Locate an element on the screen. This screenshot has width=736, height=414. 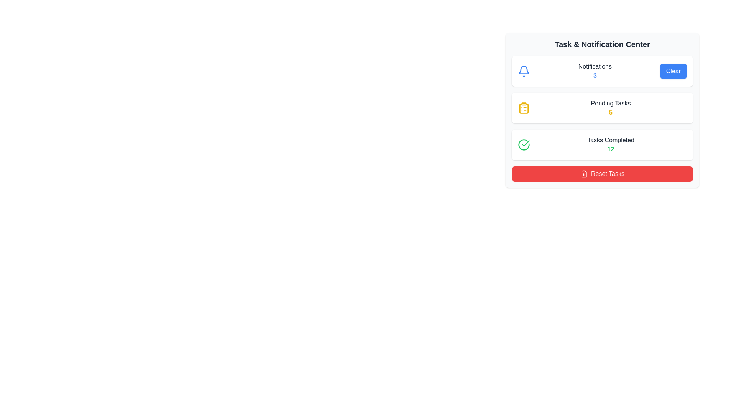
text content of the 'Pending Tasks' label, which displays the number '5' in bright yellow, located in the middle section of the card under 'Task & Notification Center' is located at coordinates (610, 108).